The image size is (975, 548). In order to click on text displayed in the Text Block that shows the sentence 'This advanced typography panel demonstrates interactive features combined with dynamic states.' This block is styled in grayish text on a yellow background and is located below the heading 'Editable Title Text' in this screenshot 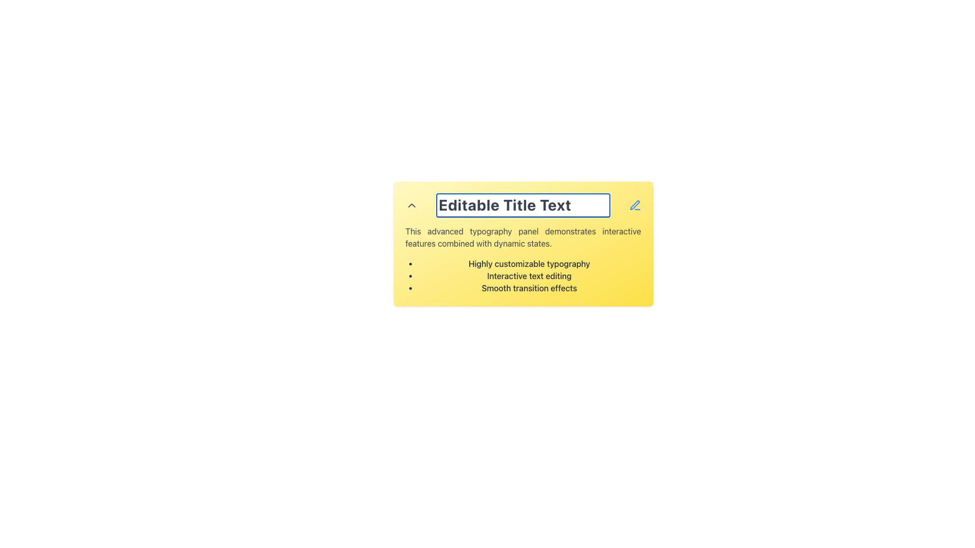, I will do `click(523, 237)`.